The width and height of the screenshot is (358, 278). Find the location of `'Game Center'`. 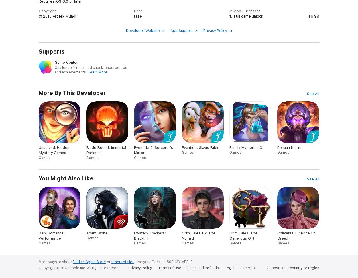

'Game Center' is located at coordinates (54, 62).